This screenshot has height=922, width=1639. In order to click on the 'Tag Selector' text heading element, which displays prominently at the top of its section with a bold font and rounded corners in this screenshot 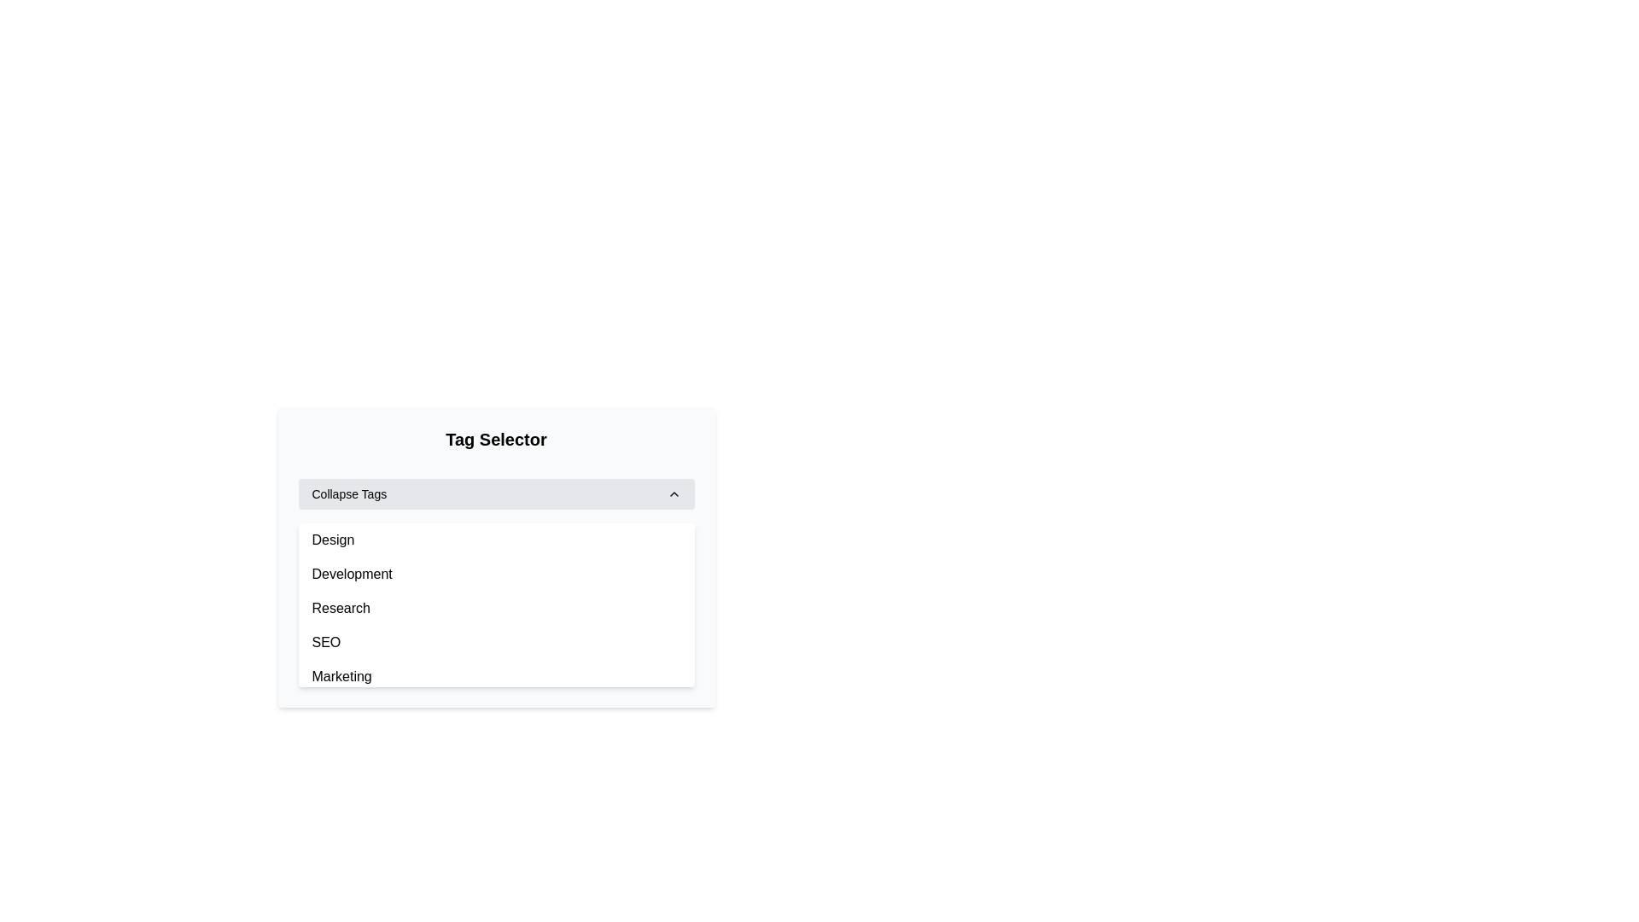, I will do `click(495, 439)`.